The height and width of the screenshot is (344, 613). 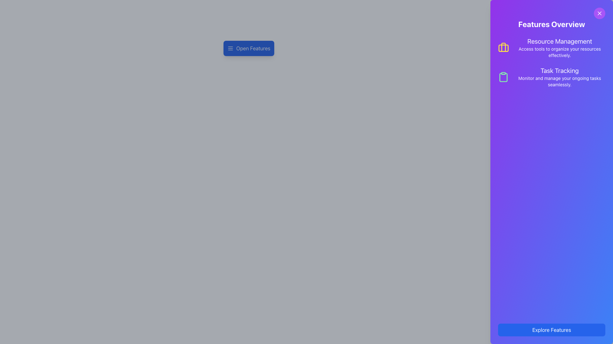 I want to click on the 'Resource Management' text label within the right-aligned sidebar, which is styled with a prominent large font and has a purple gradient background, so click(x=559, y=41).